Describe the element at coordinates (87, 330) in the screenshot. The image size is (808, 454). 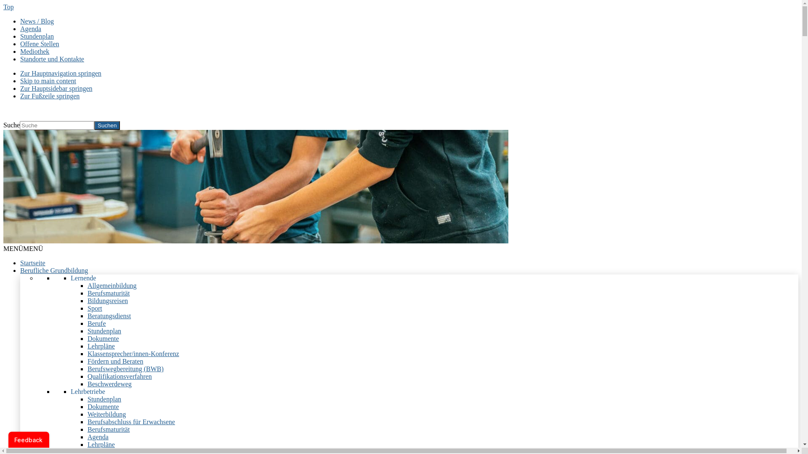
I see `'Stundenplan'` at that location.